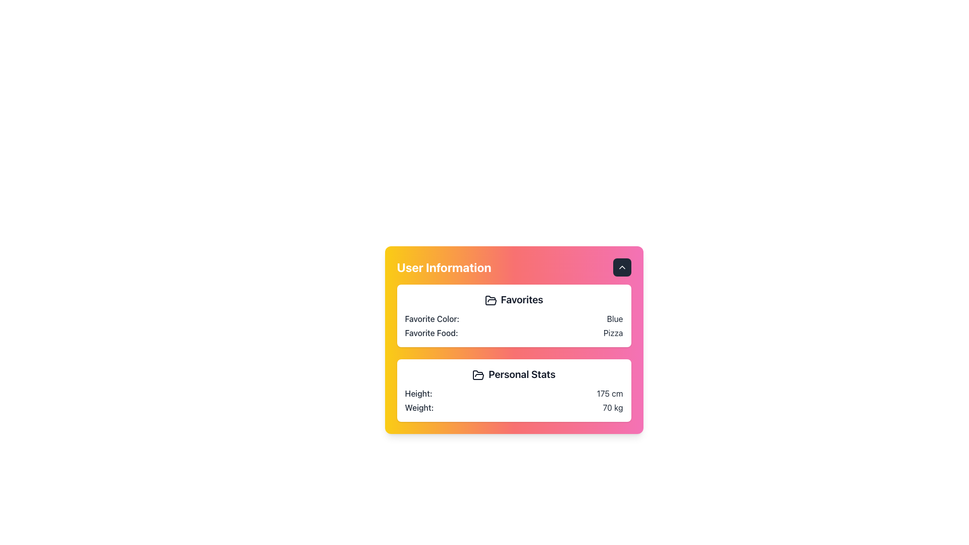 Image resolution: width=969 pixels, height=545 pixels. What do you see at coordinates (612, 407) in the screenshot?
I see `the text label displaying '70 kg' in the 'Weight:' row of the 'Personal Stats' section within the 'User Information' card` at bounding box center [612, 407].